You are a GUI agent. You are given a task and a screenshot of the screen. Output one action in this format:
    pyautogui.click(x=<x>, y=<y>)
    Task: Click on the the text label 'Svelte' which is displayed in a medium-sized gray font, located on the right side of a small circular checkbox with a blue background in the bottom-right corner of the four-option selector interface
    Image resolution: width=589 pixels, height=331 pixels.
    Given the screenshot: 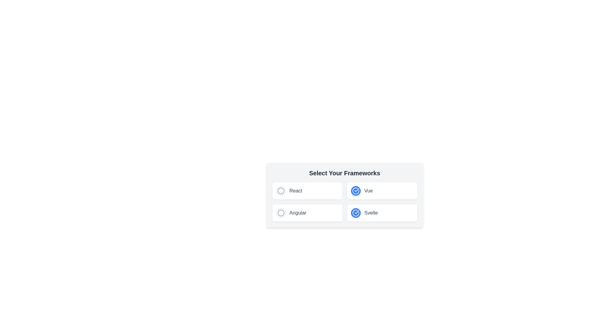 What is the action you would take?
    pyautogui.click(x=371, y=212)
    